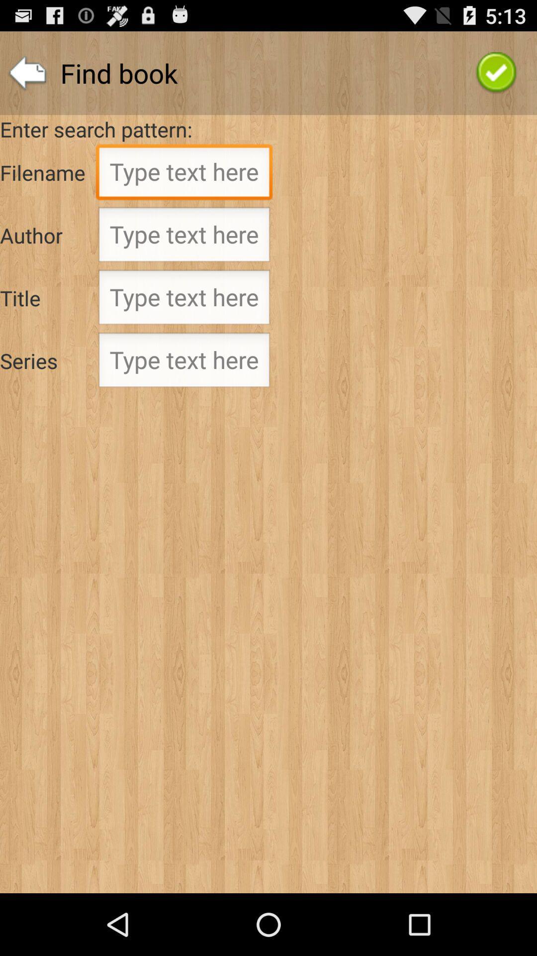  What do you see at coordinates (27, 78) in the screenshot?
I see `the arrow_backward icon` at bounding box center [27, 78].